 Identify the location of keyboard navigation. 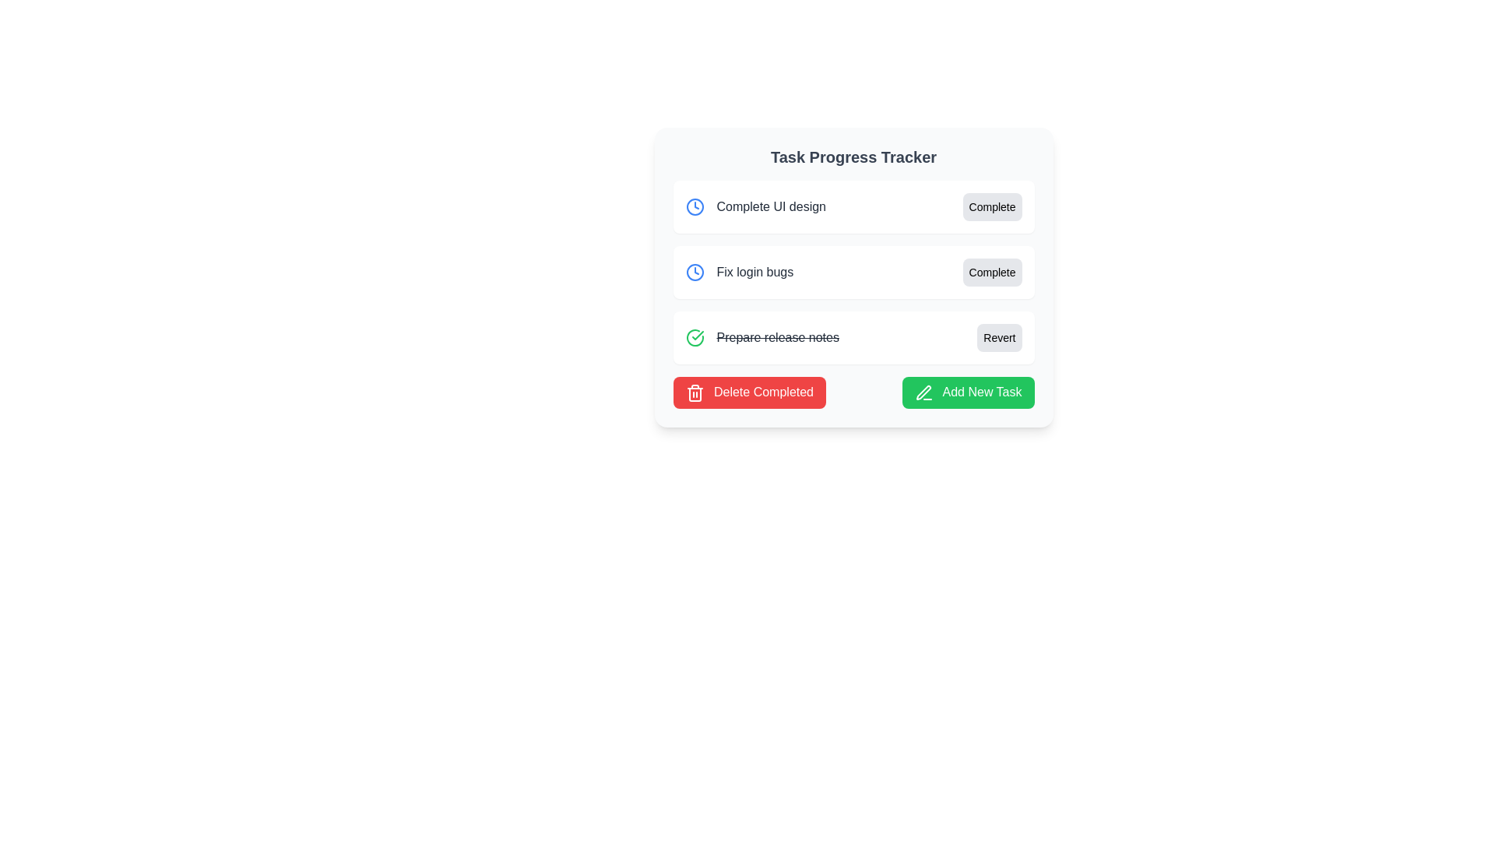
(853, 337).